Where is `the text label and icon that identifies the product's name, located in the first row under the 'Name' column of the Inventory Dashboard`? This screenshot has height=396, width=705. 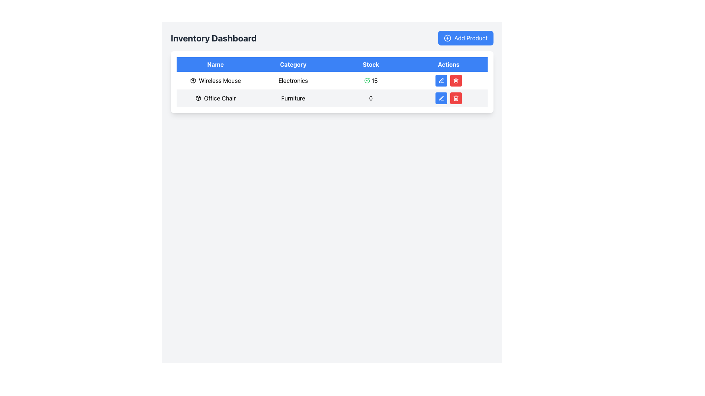
the text label and icon that identifies the product's name, located in the first row under the 'Name' column of the Inventory Dashboard is located at coordinates (215, 80).